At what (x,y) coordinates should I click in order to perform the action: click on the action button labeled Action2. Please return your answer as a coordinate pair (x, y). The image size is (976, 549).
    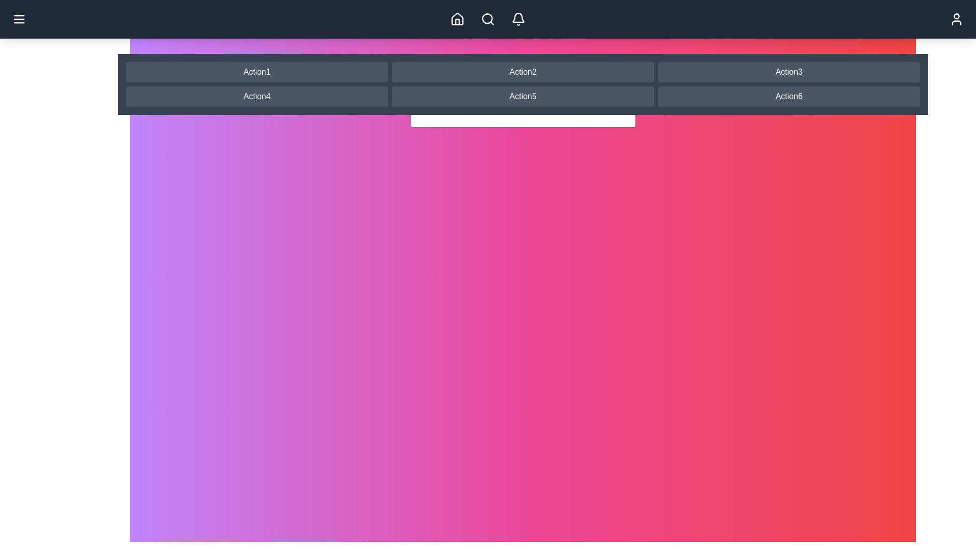
    Looking at the image, I should click on (523, 72).